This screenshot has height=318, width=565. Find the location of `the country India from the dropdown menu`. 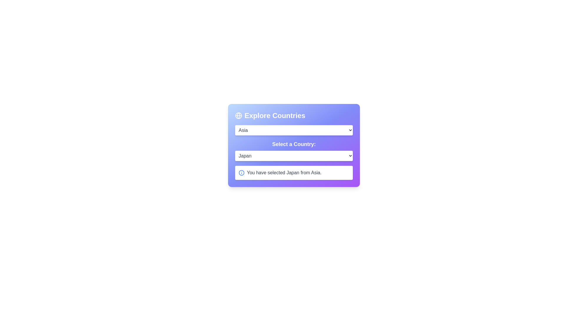

the country India from the dropdown menu is located at coordinates (294, 155).